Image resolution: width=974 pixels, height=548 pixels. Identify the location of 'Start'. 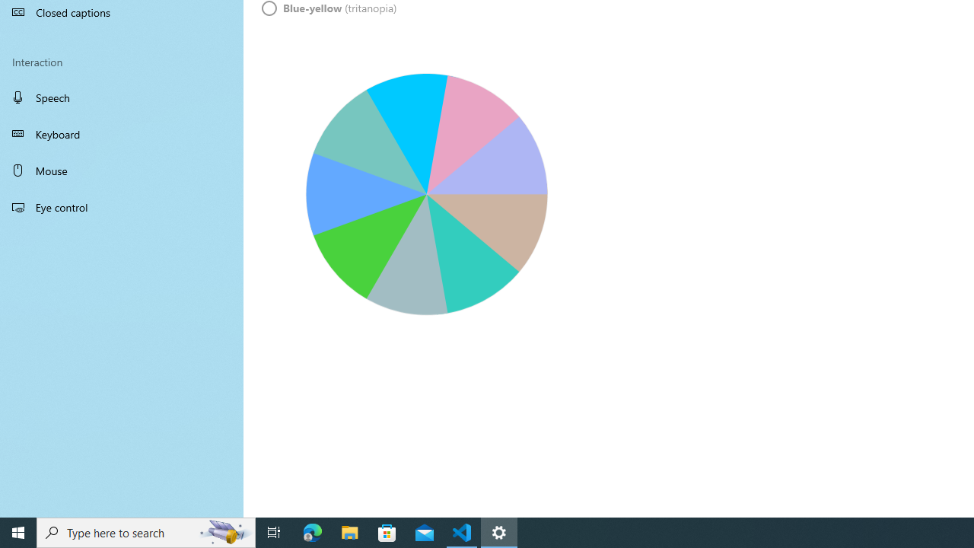
(18, 531).